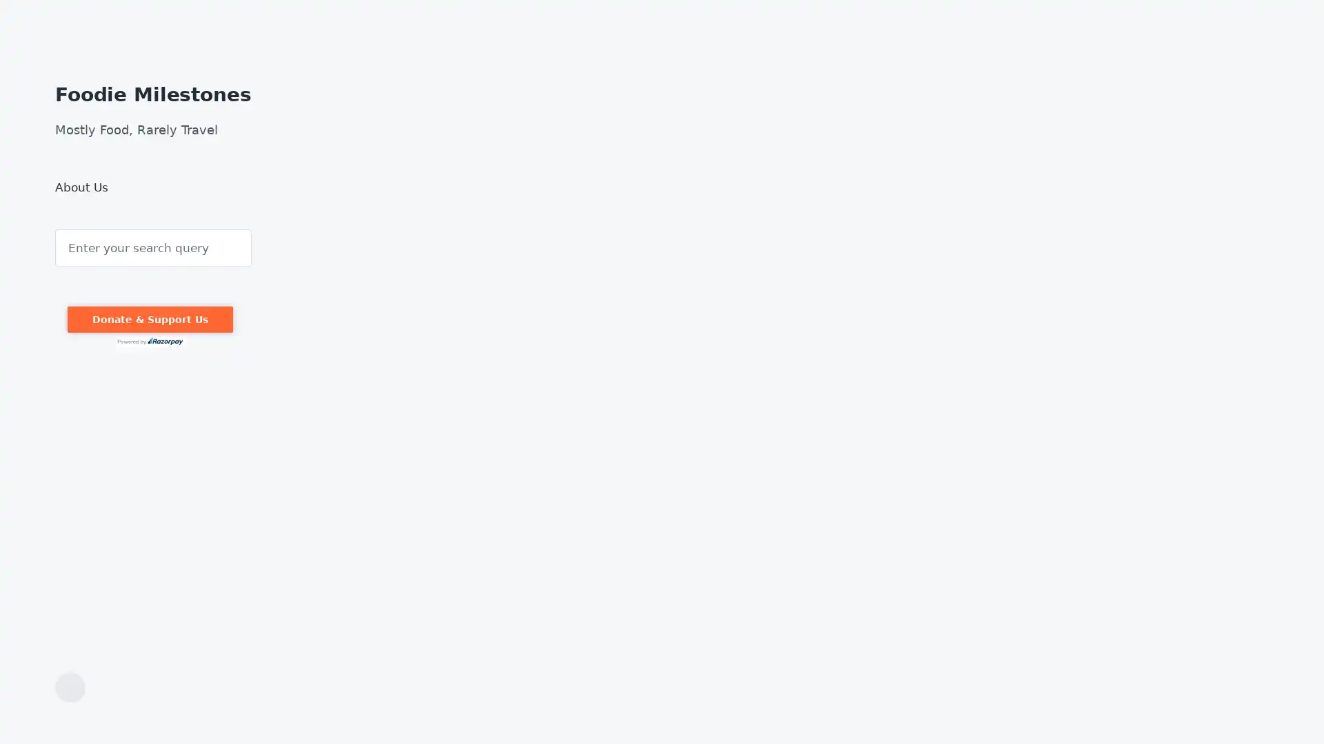 The width and height of the screenshot is (1324, 744). Describe the element at coordinates (55, 229) in the screenshot. I see `Search` at that location.